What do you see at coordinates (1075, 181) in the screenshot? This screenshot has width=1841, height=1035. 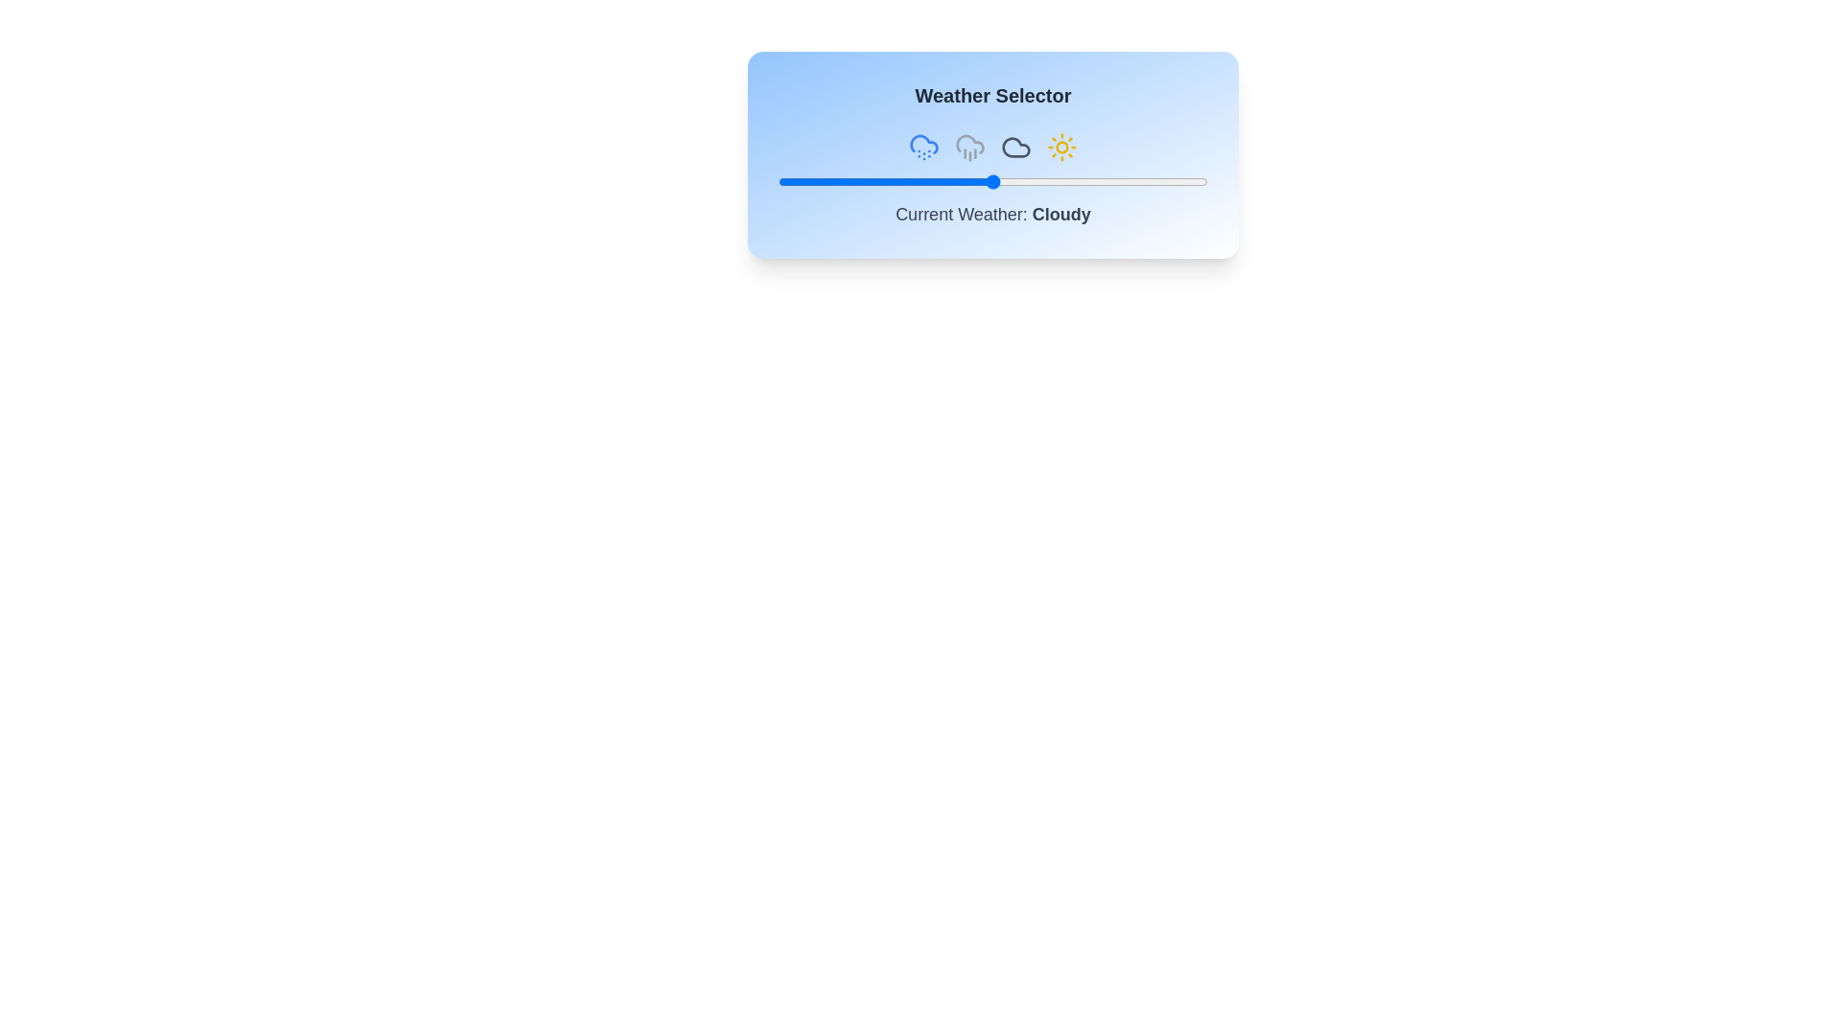 I see `the weather slider to 69%, where 69 is a value between 0 and 100` at bounding box center [1075, 181].